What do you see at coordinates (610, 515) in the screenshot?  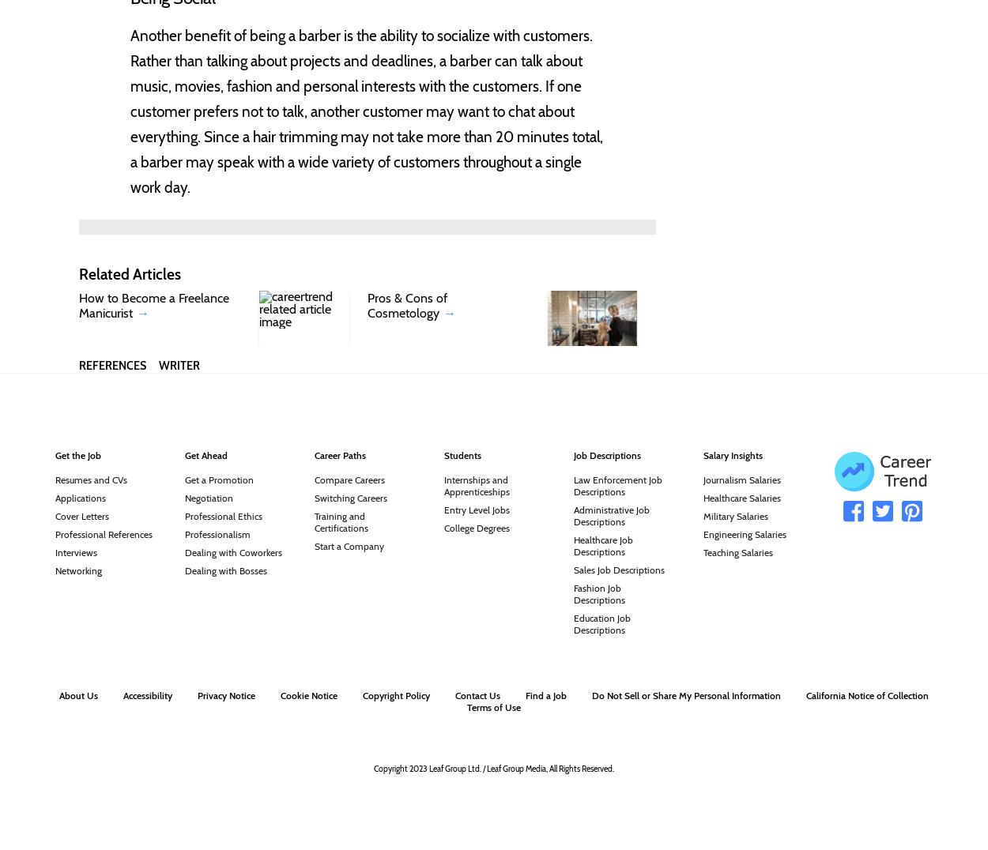 I see `'Administrative Job Descriptions'` at bounding box center [610, 515].